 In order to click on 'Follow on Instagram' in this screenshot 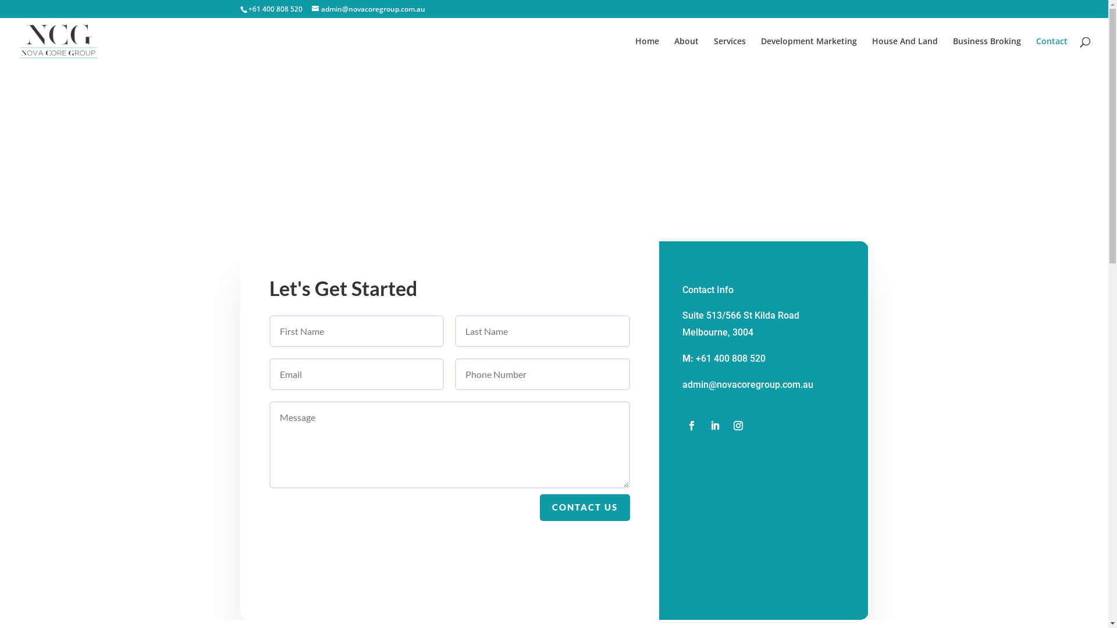, I will do `click(728, 426)`.